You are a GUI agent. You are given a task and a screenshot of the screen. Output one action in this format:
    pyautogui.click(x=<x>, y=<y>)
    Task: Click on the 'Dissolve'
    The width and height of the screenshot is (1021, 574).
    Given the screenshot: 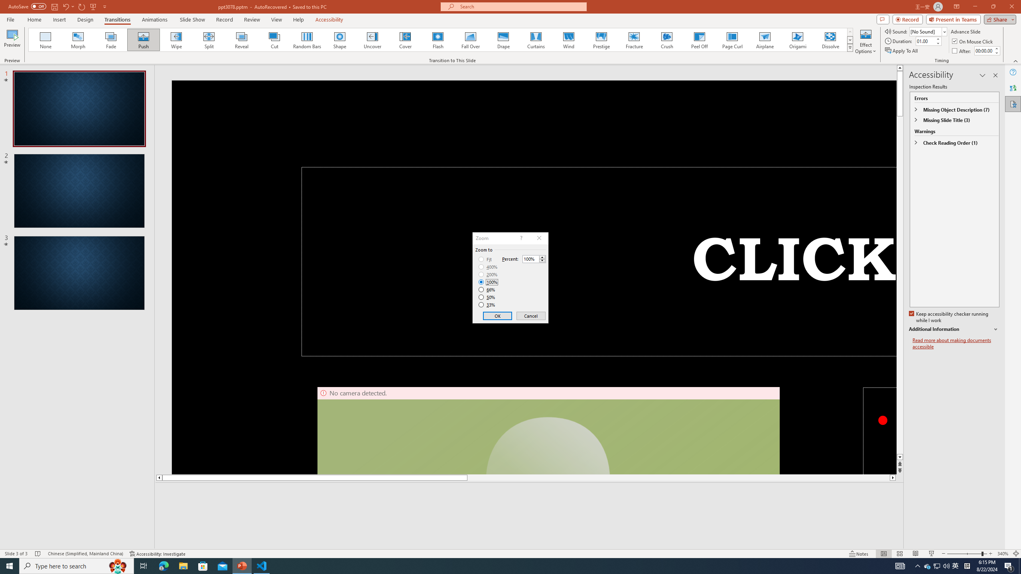 What is the action you would take?
    pyautogui.click(x=830, y=39)
    